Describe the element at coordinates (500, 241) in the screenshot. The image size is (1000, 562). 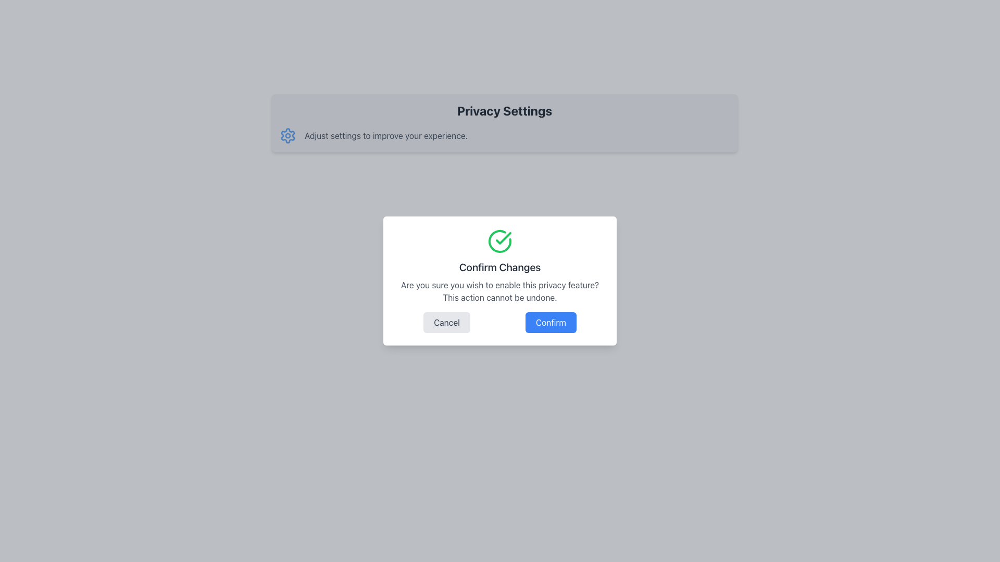
I see `the green circular icon with a checkmark in its center, located in the header section of the confirmation dialog box, directly above the 'Confirm Changes' text` at that location.